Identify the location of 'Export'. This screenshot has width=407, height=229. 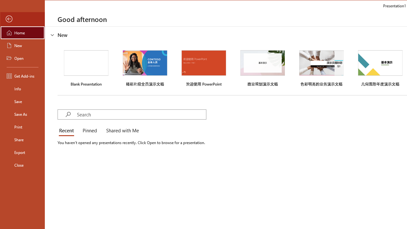
(23, 152).